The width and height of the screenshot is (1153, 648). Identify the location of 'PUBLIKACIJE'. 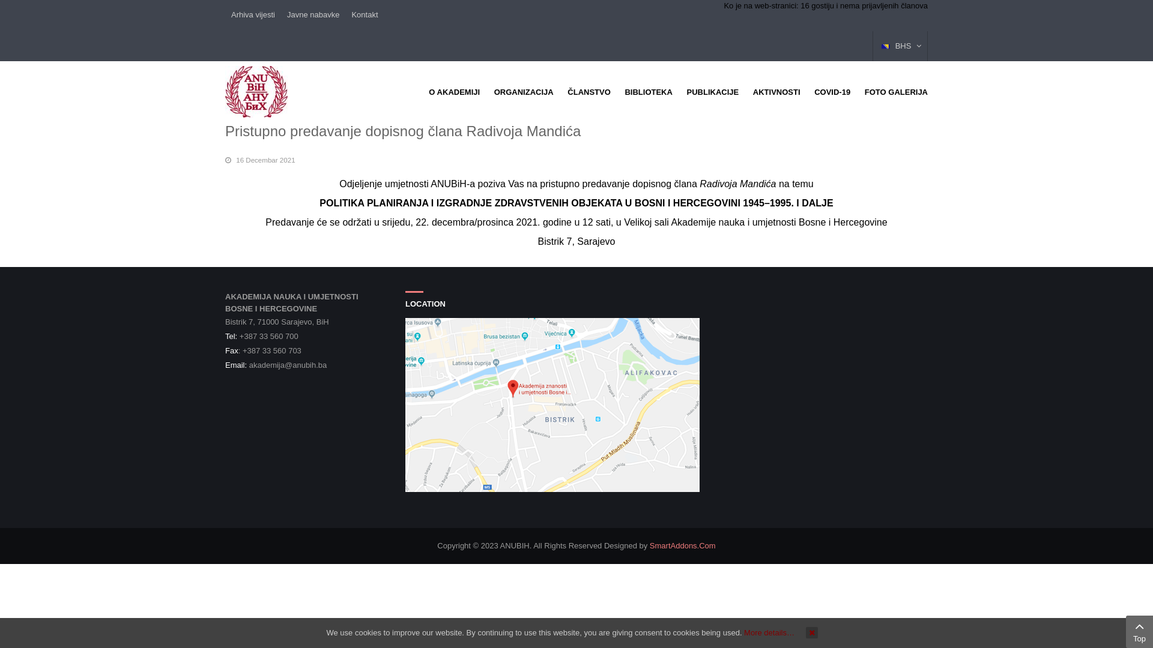
(686, 92).